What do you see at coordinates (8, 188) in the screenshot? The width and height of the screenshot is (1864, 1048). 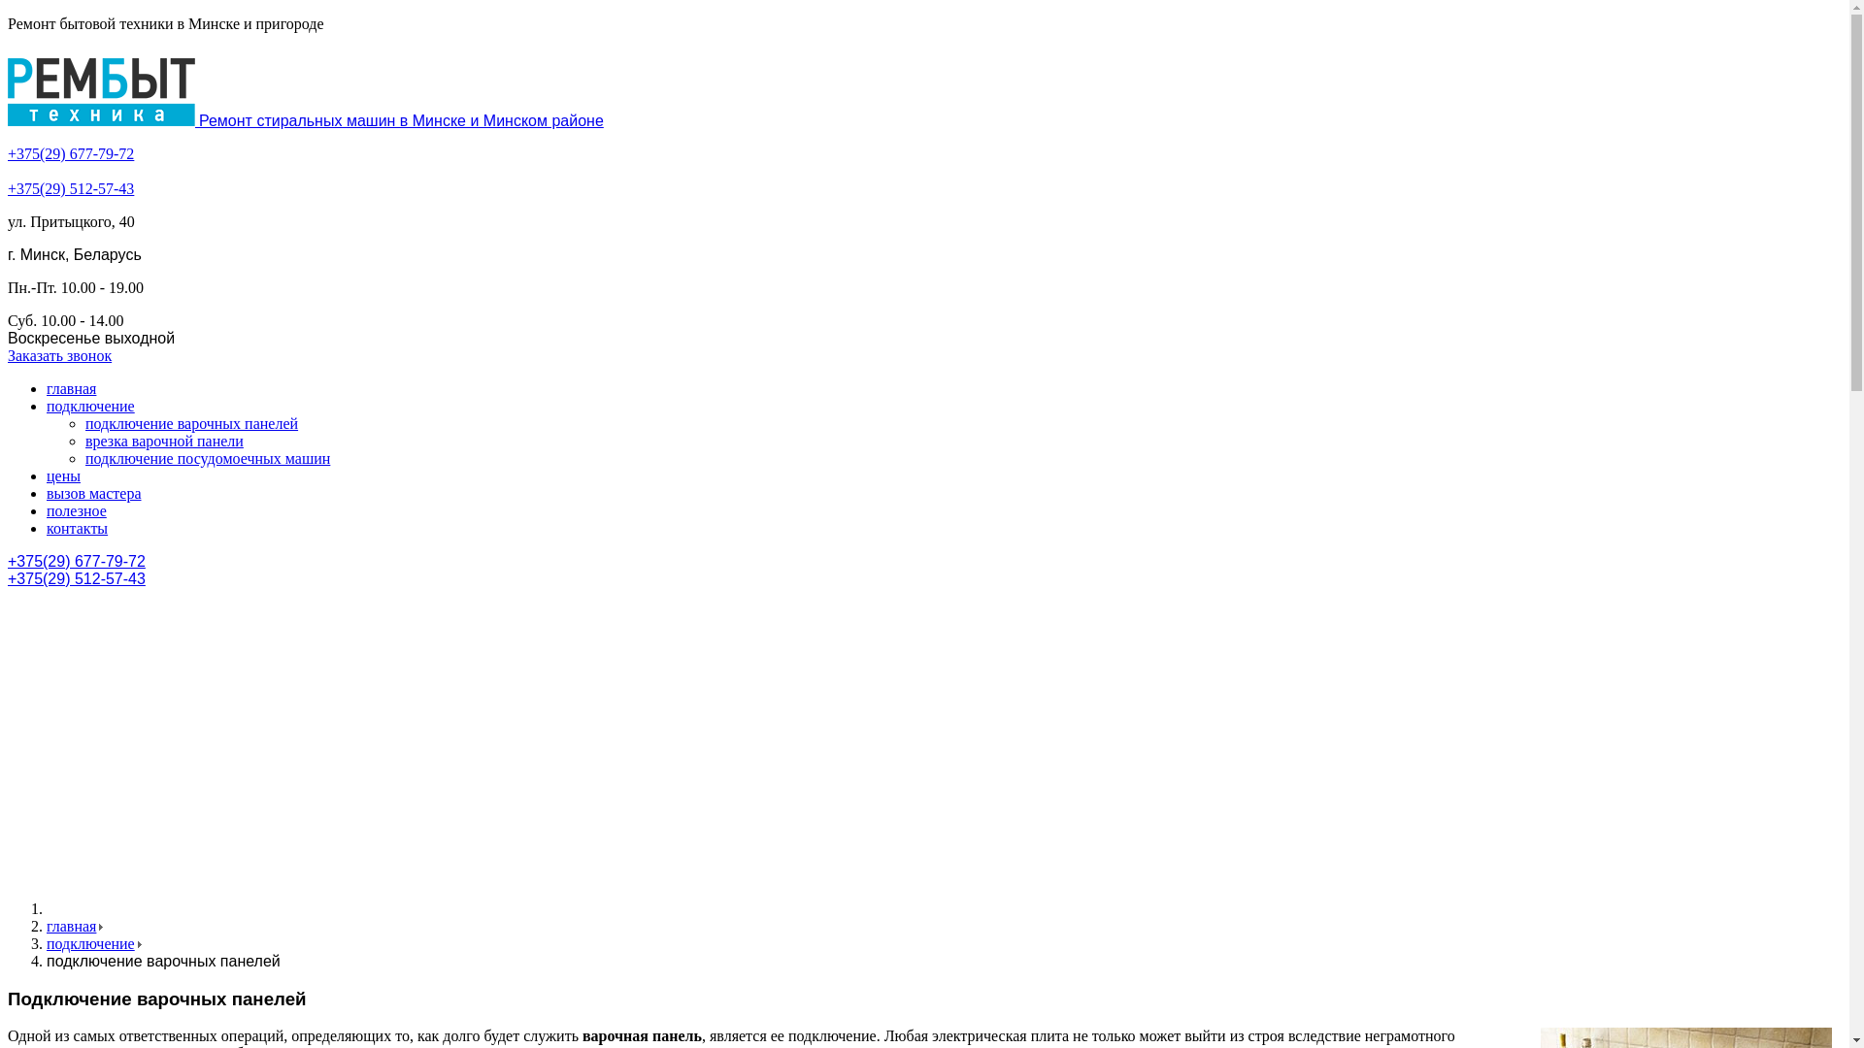 I see `'+375(29) 512-57-43'` at bounding box center [8, 188].